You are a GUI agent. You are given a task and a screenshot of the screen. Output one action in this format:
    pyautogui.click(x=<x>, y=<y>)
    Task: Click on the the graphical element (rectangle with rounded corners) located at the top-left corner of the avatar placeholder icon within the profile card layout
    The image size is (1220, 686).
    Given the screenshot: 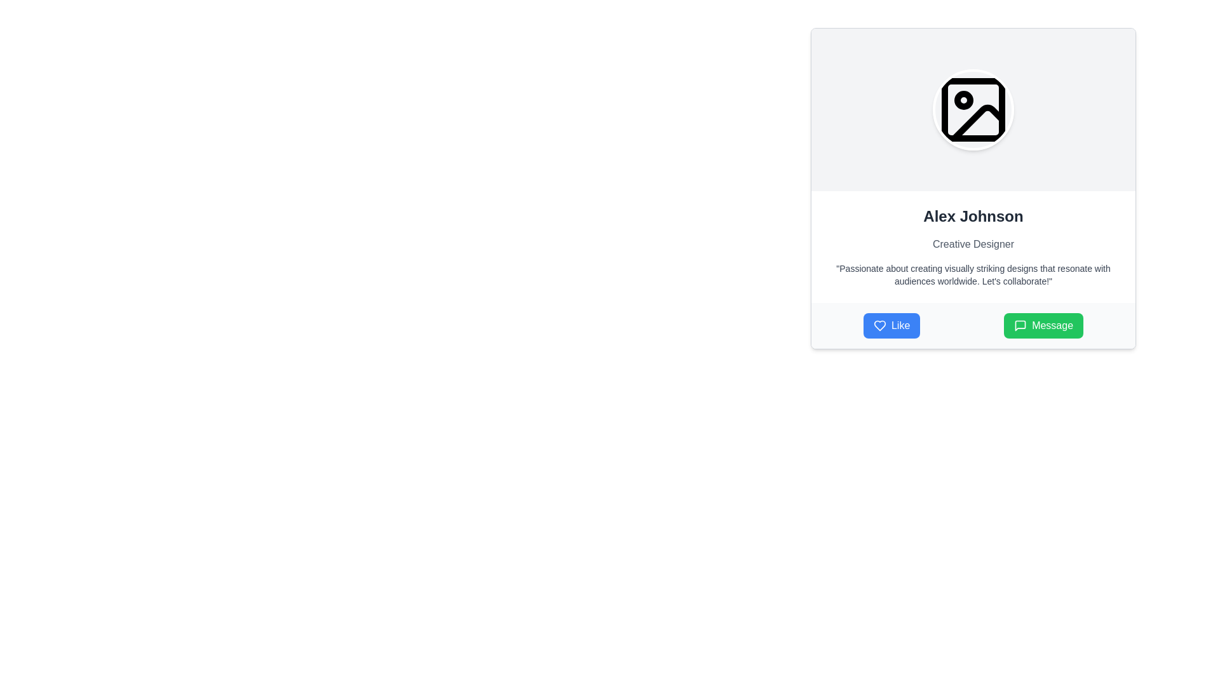 What is the action you would take?
    pyautogui.click(x=972, y=109)
    